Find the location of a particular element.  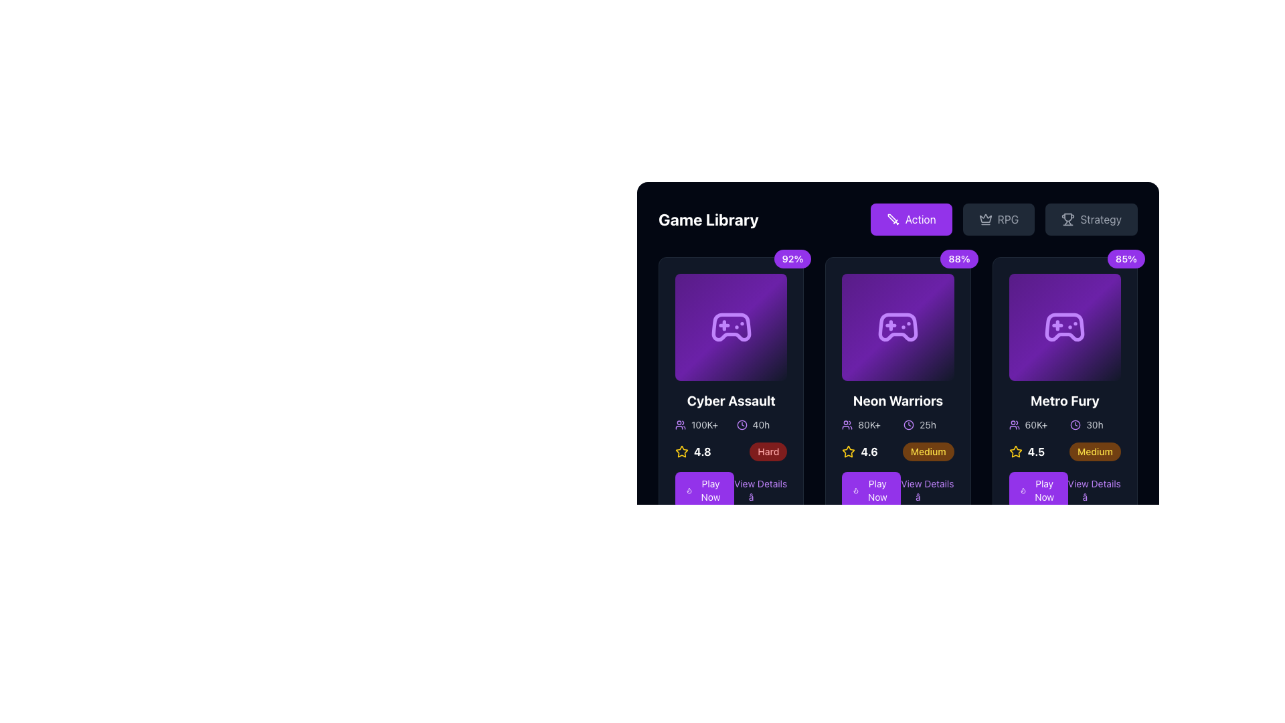

the central icon representing a game controller in the card titled 'Neon Warriors' is located at coordinates (897, 327).